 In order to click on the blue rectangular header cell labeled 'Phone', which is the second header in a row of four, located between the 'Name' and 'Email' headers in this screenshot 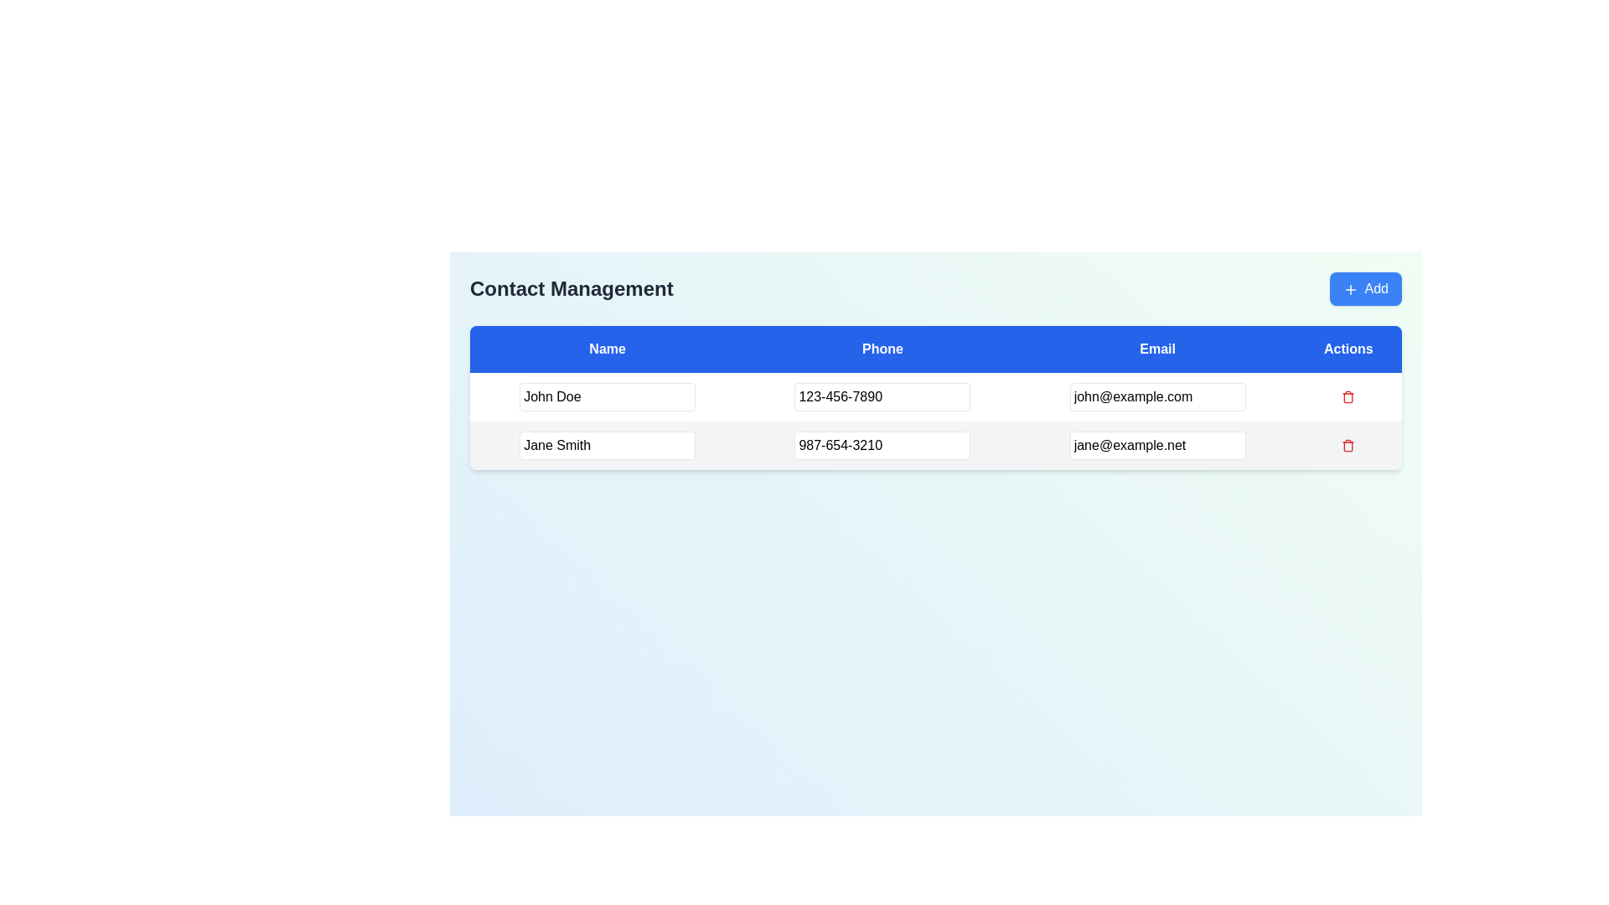, I will do `click(882, 348)`.